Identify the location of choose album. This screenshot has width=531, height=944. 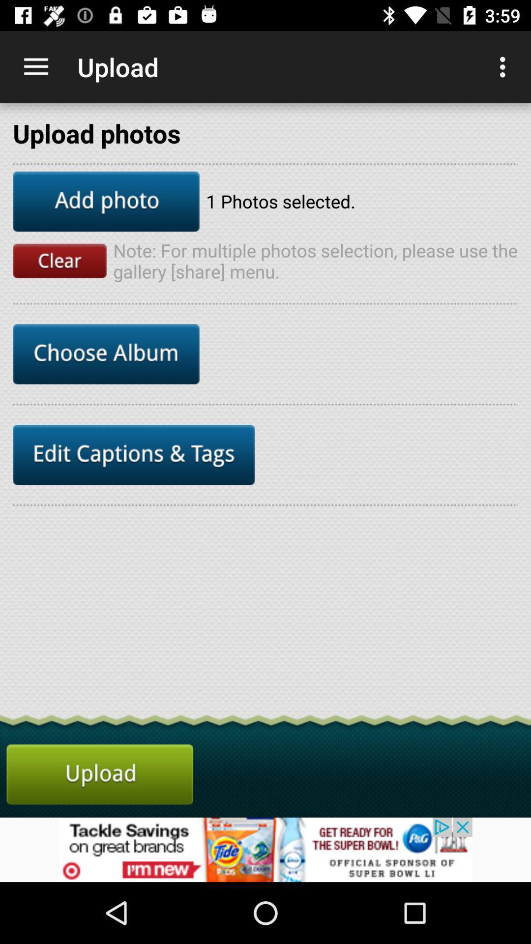
(106, 354).